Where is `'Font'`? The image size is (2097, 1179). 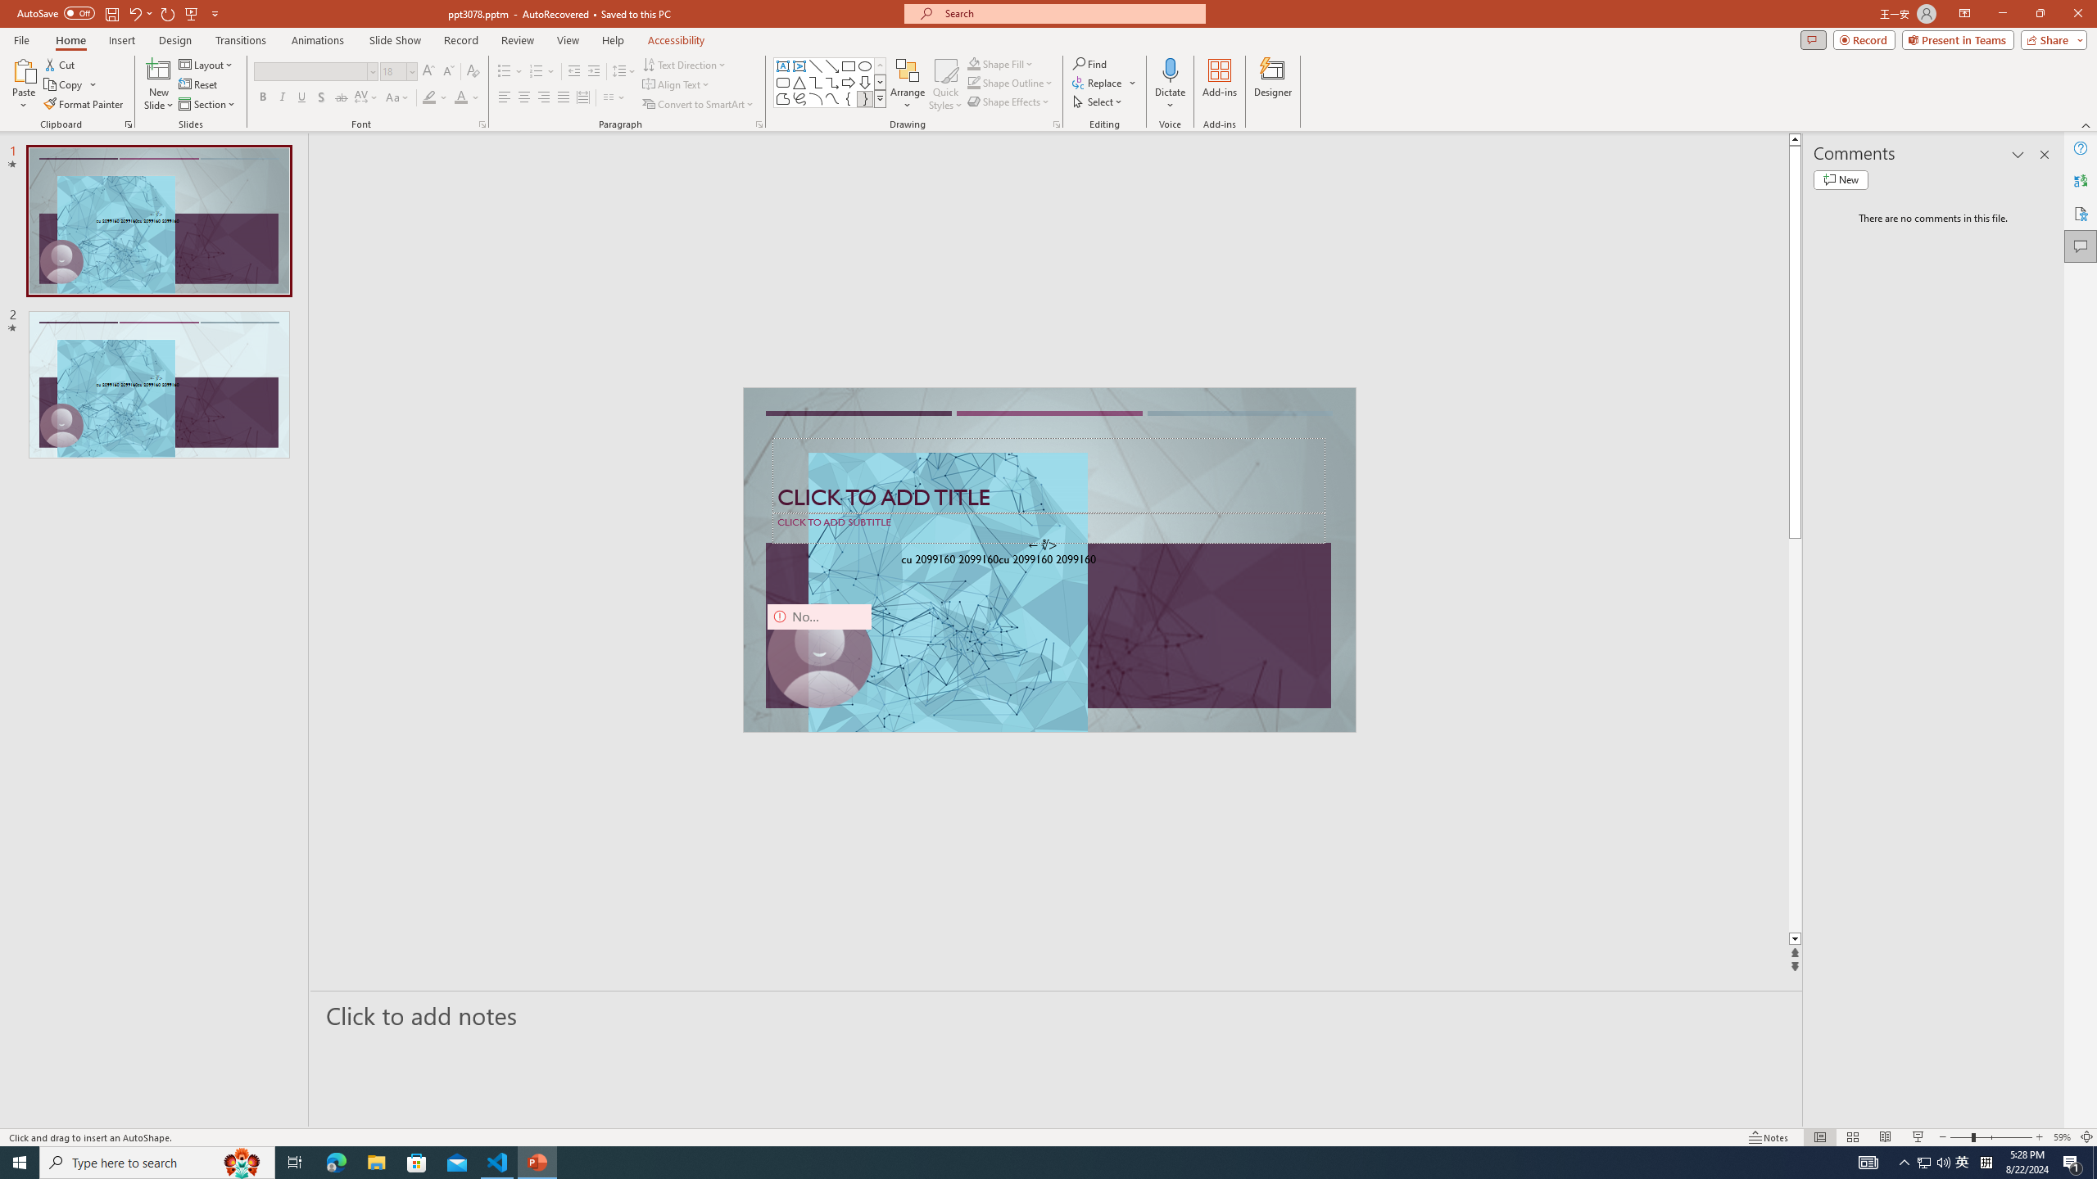 'Font' is located at coordinates (310, 71).